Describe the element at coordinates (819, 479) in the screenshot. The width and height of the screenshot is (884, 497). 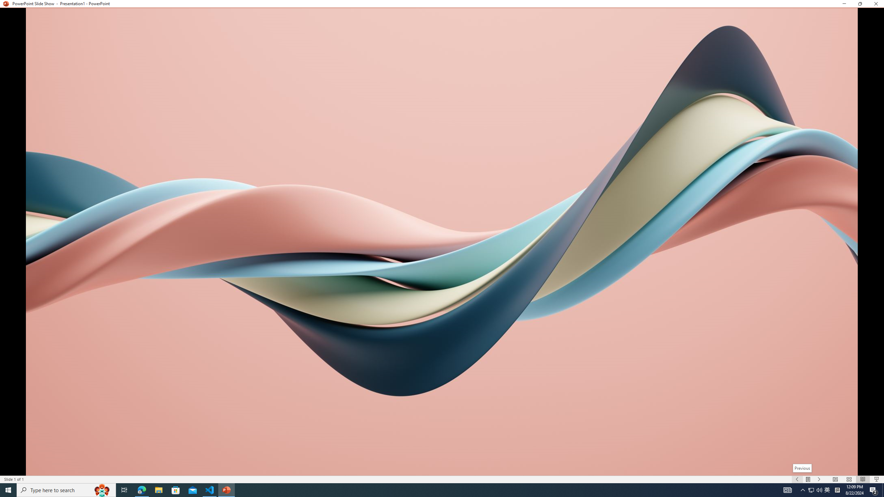
I see `'Slide Show Next On'` at that location.